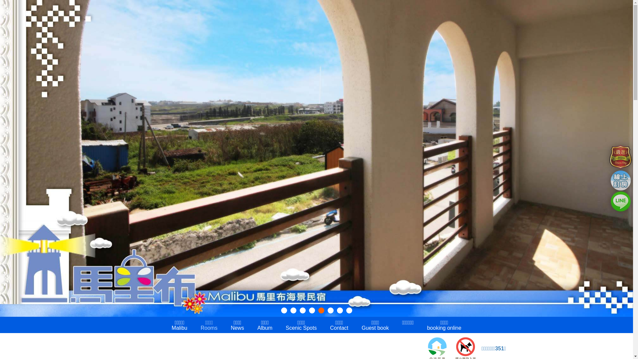 Image resolution: width=638 pixels, height=359 pixels. I want to click on '6', so click(330, 310).